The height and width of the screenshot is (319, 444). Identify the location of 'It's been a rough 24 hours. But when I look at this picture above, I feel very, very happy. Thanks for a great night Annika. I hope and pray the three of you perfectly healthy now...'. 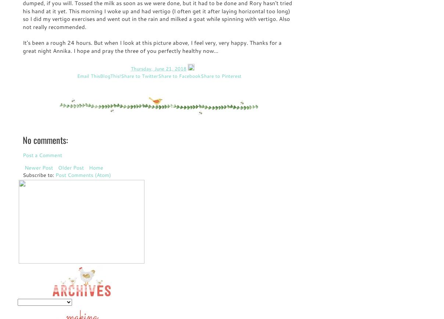
(151, 46).